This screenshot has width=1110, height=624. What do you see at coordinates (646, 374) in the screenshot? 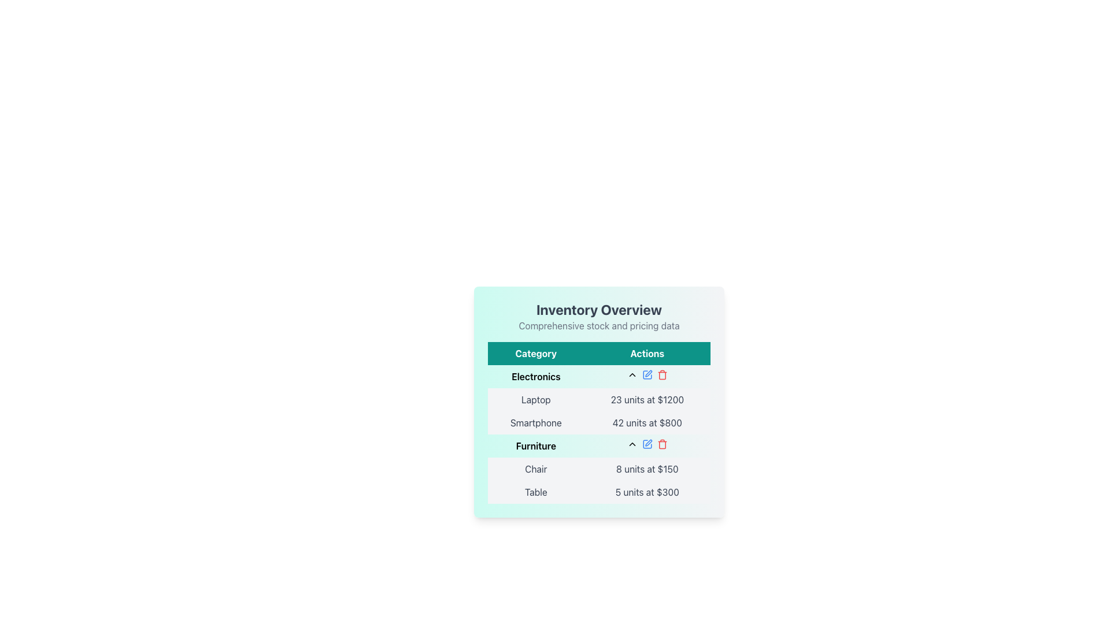
I see `the blue pen-shaped button in the 'Actions' column next to the 'Electronics' category header to initiate an edit action` at bounding box center [646, 374].